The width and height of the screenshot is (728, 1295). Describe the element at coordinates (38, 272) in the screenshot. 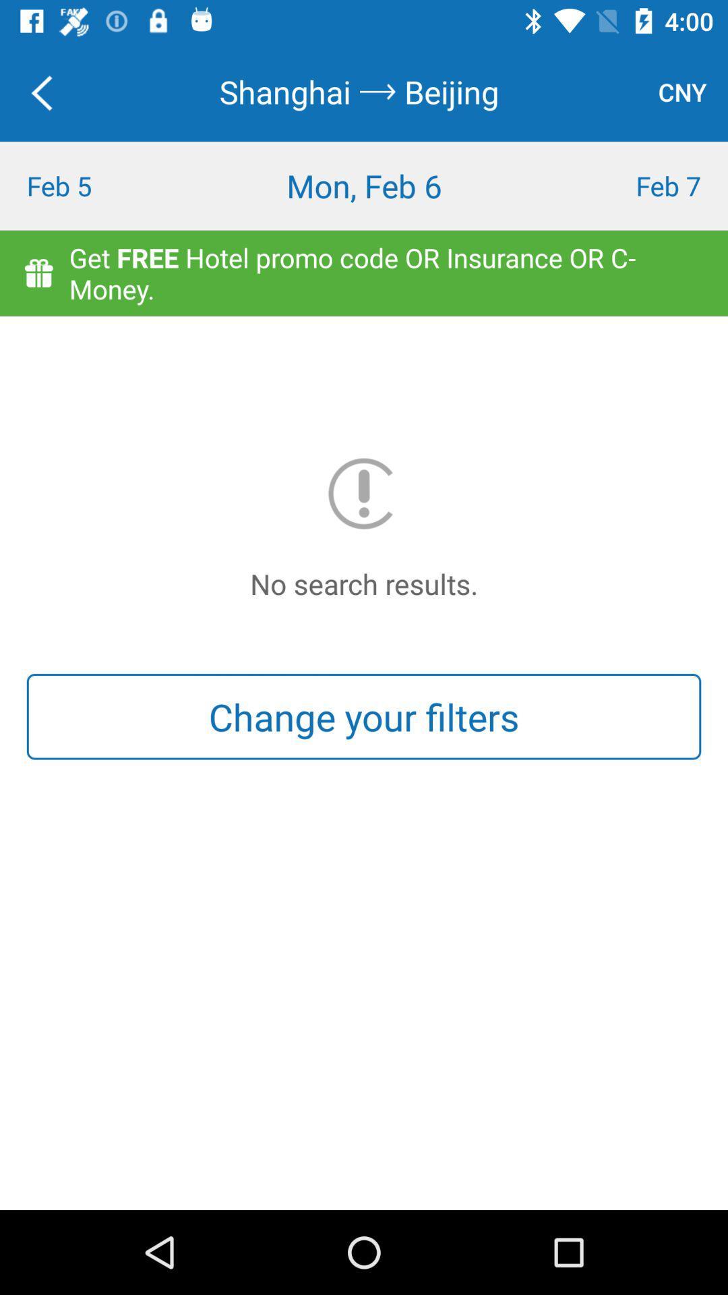

I see `gift icon which is below feb 5` at that location.